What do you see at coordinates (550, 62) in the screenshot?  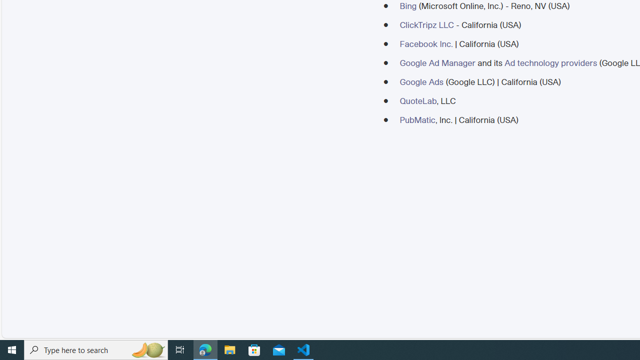 I see `'Ad technology providers'` at bounding box center [550, 62].